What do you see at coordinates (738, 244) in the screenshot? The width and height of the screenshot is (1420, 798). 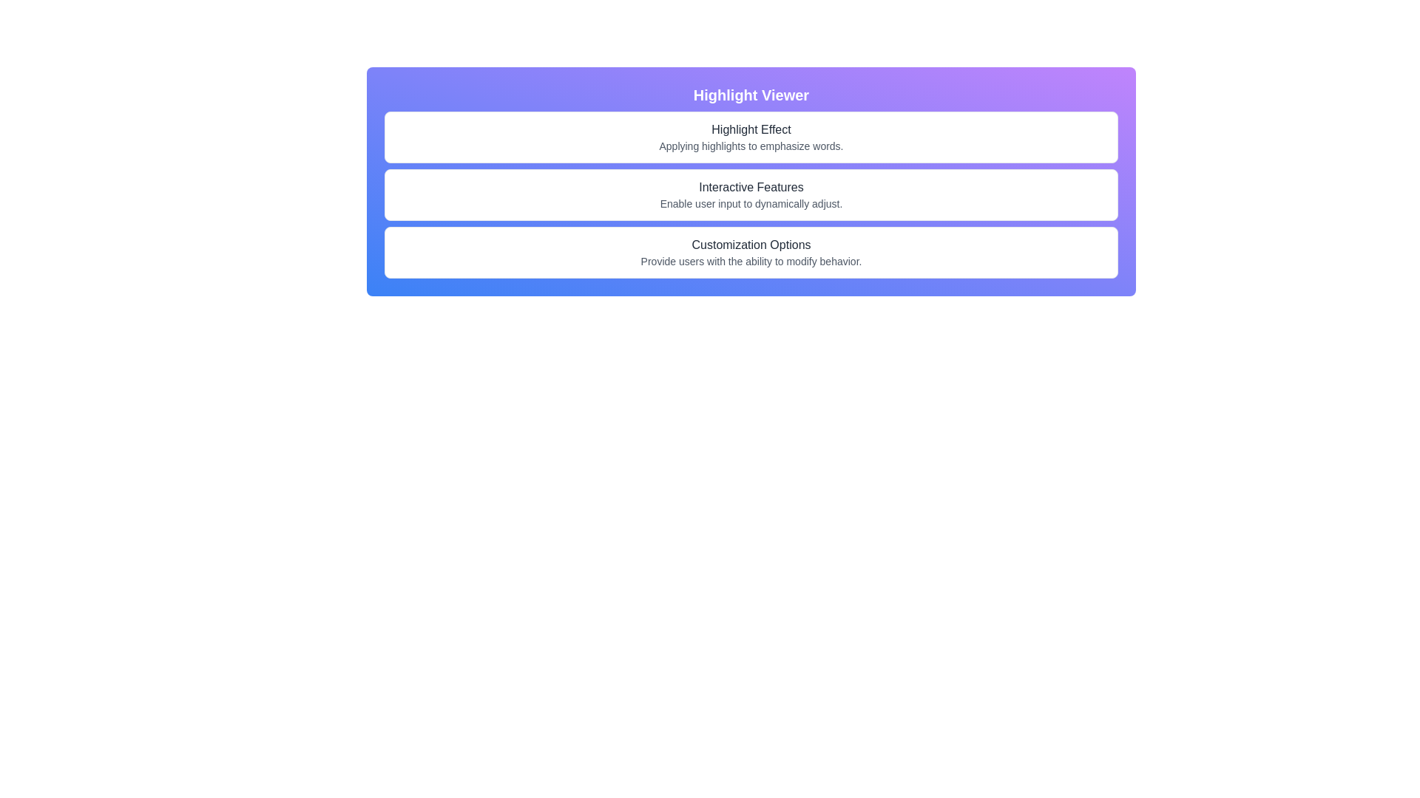 I see `the character 'z' in the text 'Customization Options', which is located under the section 'Highlight Viewer'` at bounding box center [738, 244].